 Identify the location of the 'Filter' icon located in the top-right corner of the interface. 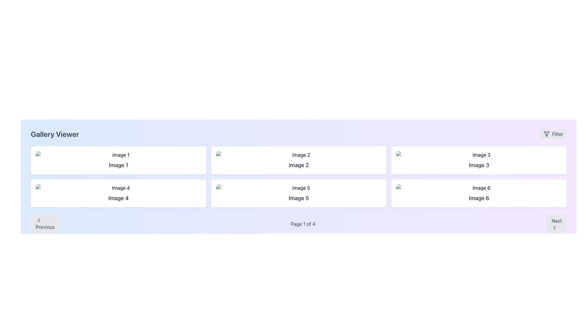
(546, 134).